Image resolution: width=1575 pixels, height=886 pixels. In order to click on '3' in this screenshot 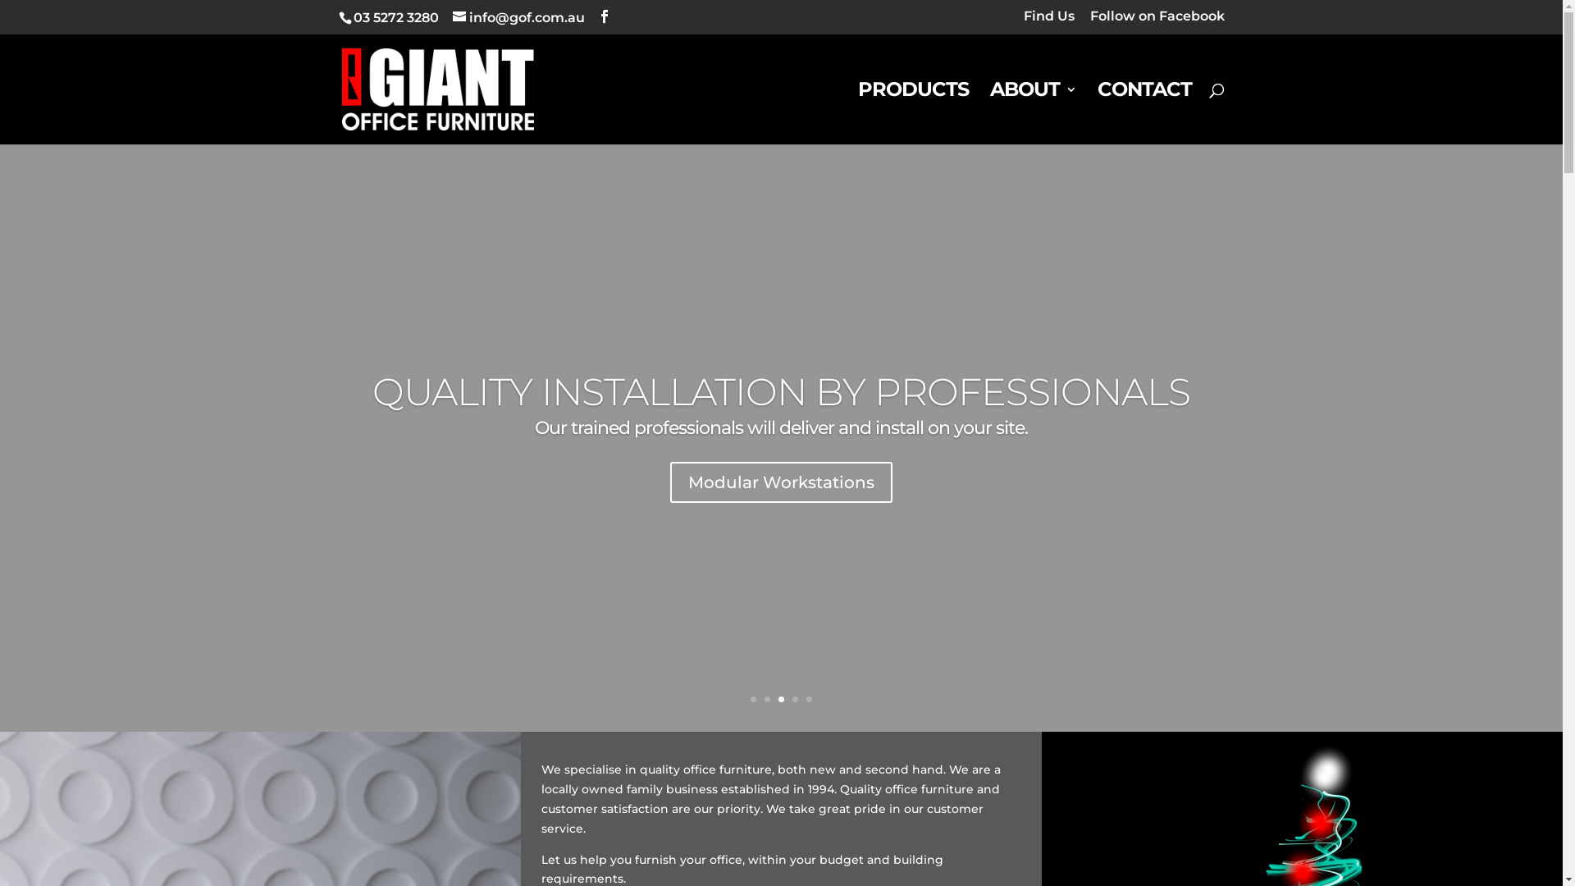, I will do `click(780, 699)`.